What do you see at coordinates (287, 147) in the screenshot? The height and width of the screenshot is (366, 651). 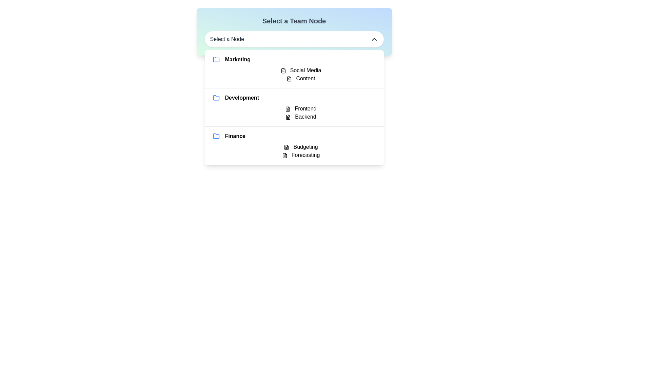 I see `the 'Budgeting' icon in the Finance section of the dropdown menu, which serves as a visual indicator for the Budgeting functionality` at bounding box center [287, 147].